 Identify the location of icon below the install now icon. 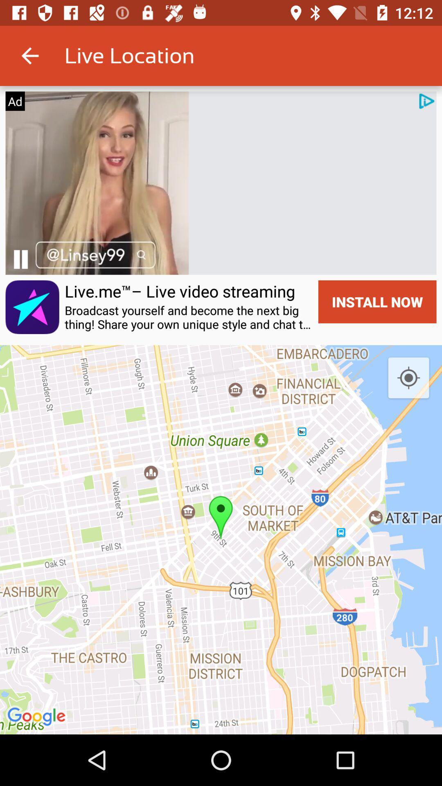
(408, 378).